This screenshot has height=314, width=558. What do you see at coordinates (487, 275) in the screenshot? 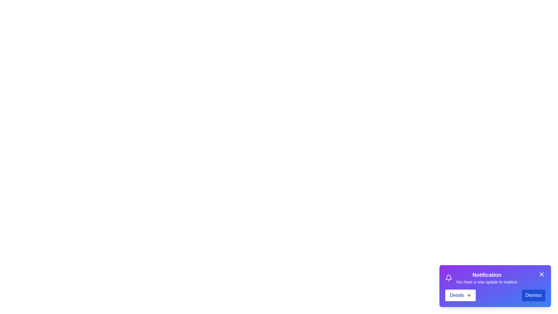
I see `bolded 'Notification' text at the top of the purple gradient notification popup` at bounding box center [487, 275].